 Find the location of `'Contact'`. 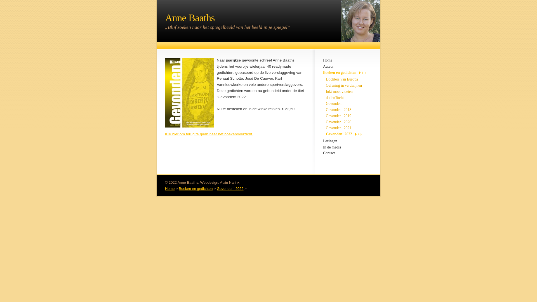

'Contact' is located at coordinates (329, 153).